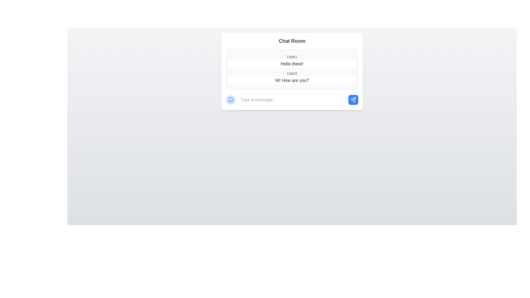 The image size is (530, 298). Describe the element at coordinates (230, 100) in the screenshot. I see `the icon or SVG component located near the bottom-left of the chat box interface` at that location.